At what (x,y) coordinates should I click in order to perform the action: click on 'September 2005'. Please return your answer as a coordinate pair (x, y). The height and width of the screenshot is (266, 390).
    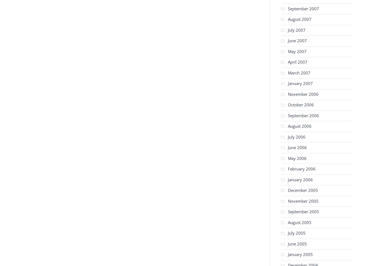
    Looking at the image, I should click on (303, 211).